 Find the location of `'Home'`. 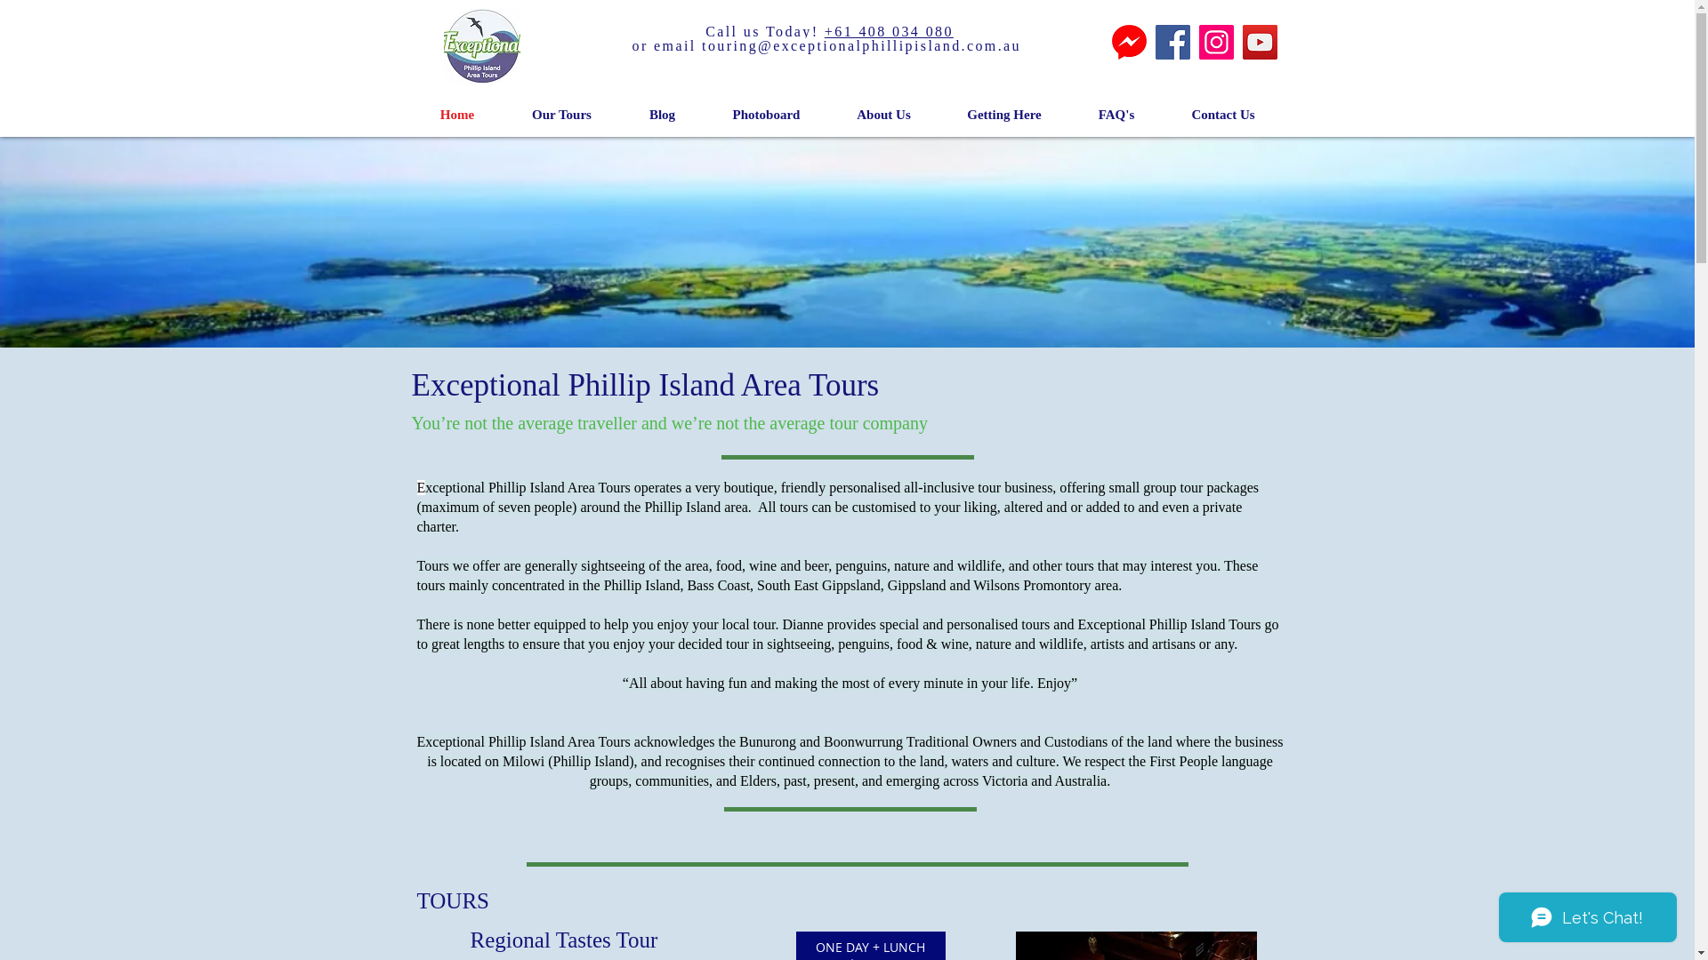

'Home' is located at coordinates (409, 114).